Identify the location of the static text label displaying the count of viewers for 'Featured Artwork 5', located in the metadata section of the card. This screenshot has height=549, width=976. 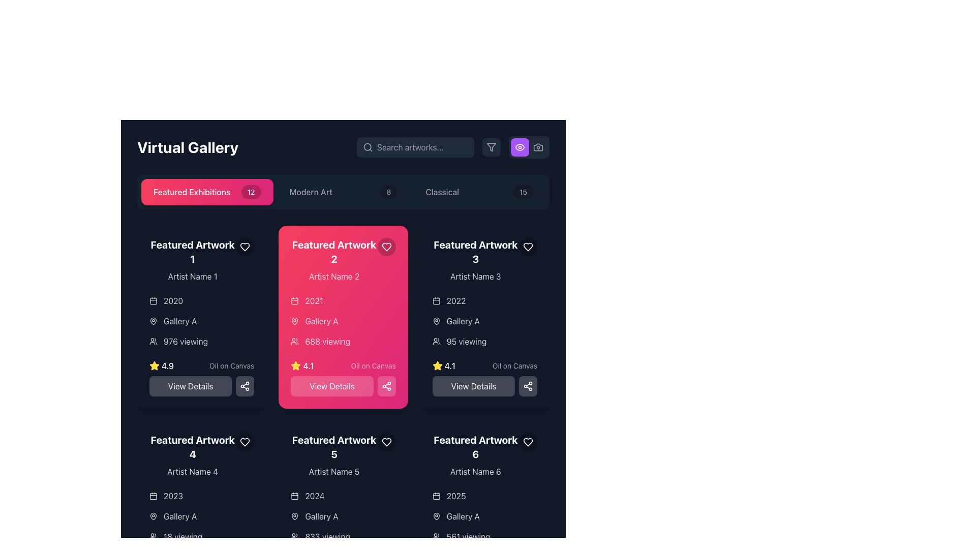
(327, 536).